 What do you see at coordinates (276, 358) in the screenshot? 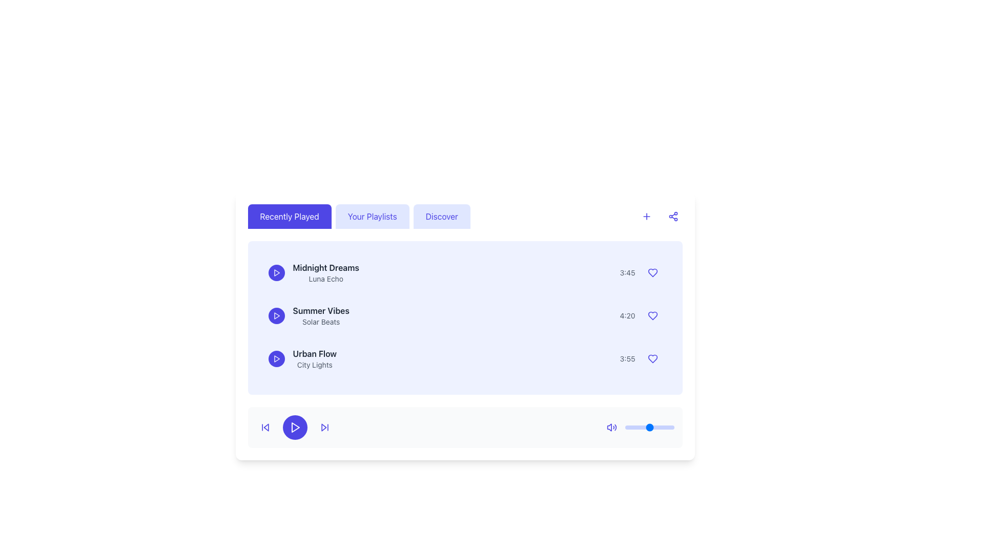
I see `the play button` at bounding box center [276, 358].